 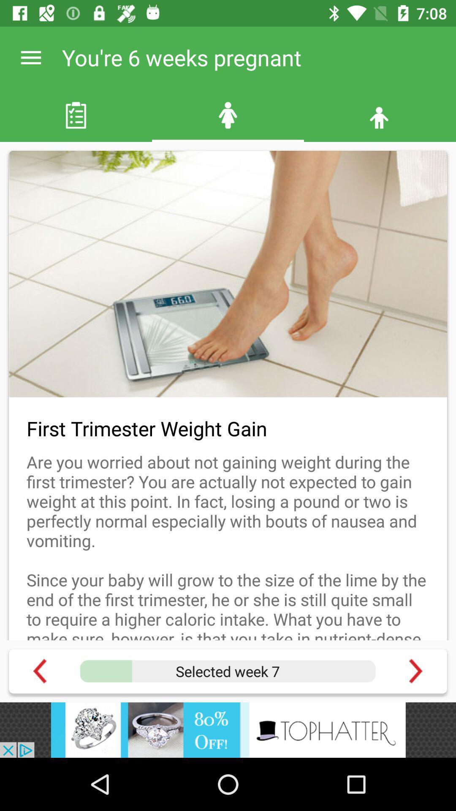 I want to click on see more pages, so click(x=415, y=671).